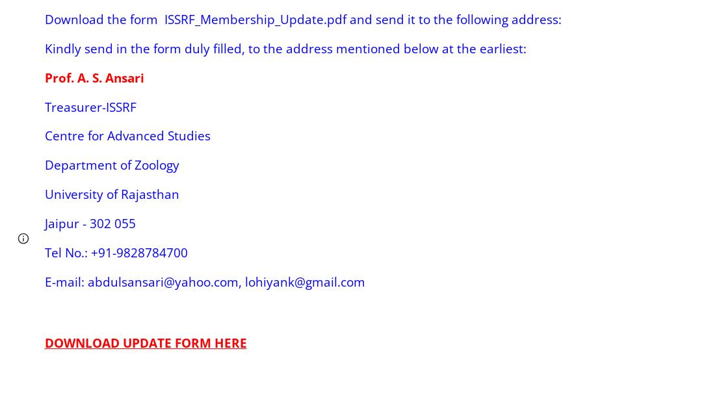  I want to click on '9828784700', so click(151, 252).